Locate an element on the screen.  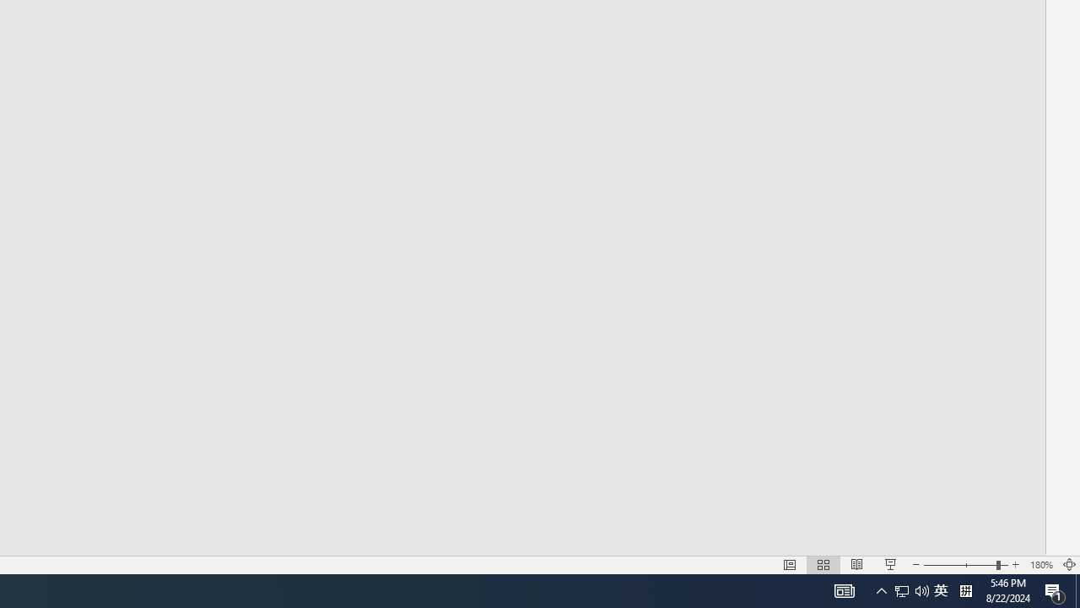
'Slide Sorter' is located at coordinates (823, 565).